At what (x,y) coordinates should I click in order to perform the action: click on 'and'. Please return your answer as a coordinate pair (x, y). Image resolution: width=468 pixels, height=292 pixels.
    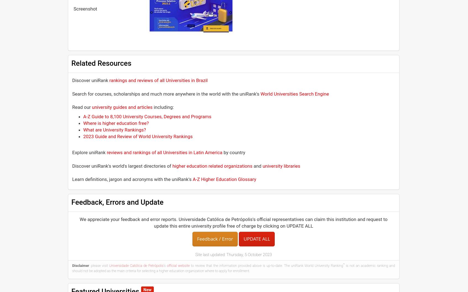
    Looking at the image, I should click on (257, 165).